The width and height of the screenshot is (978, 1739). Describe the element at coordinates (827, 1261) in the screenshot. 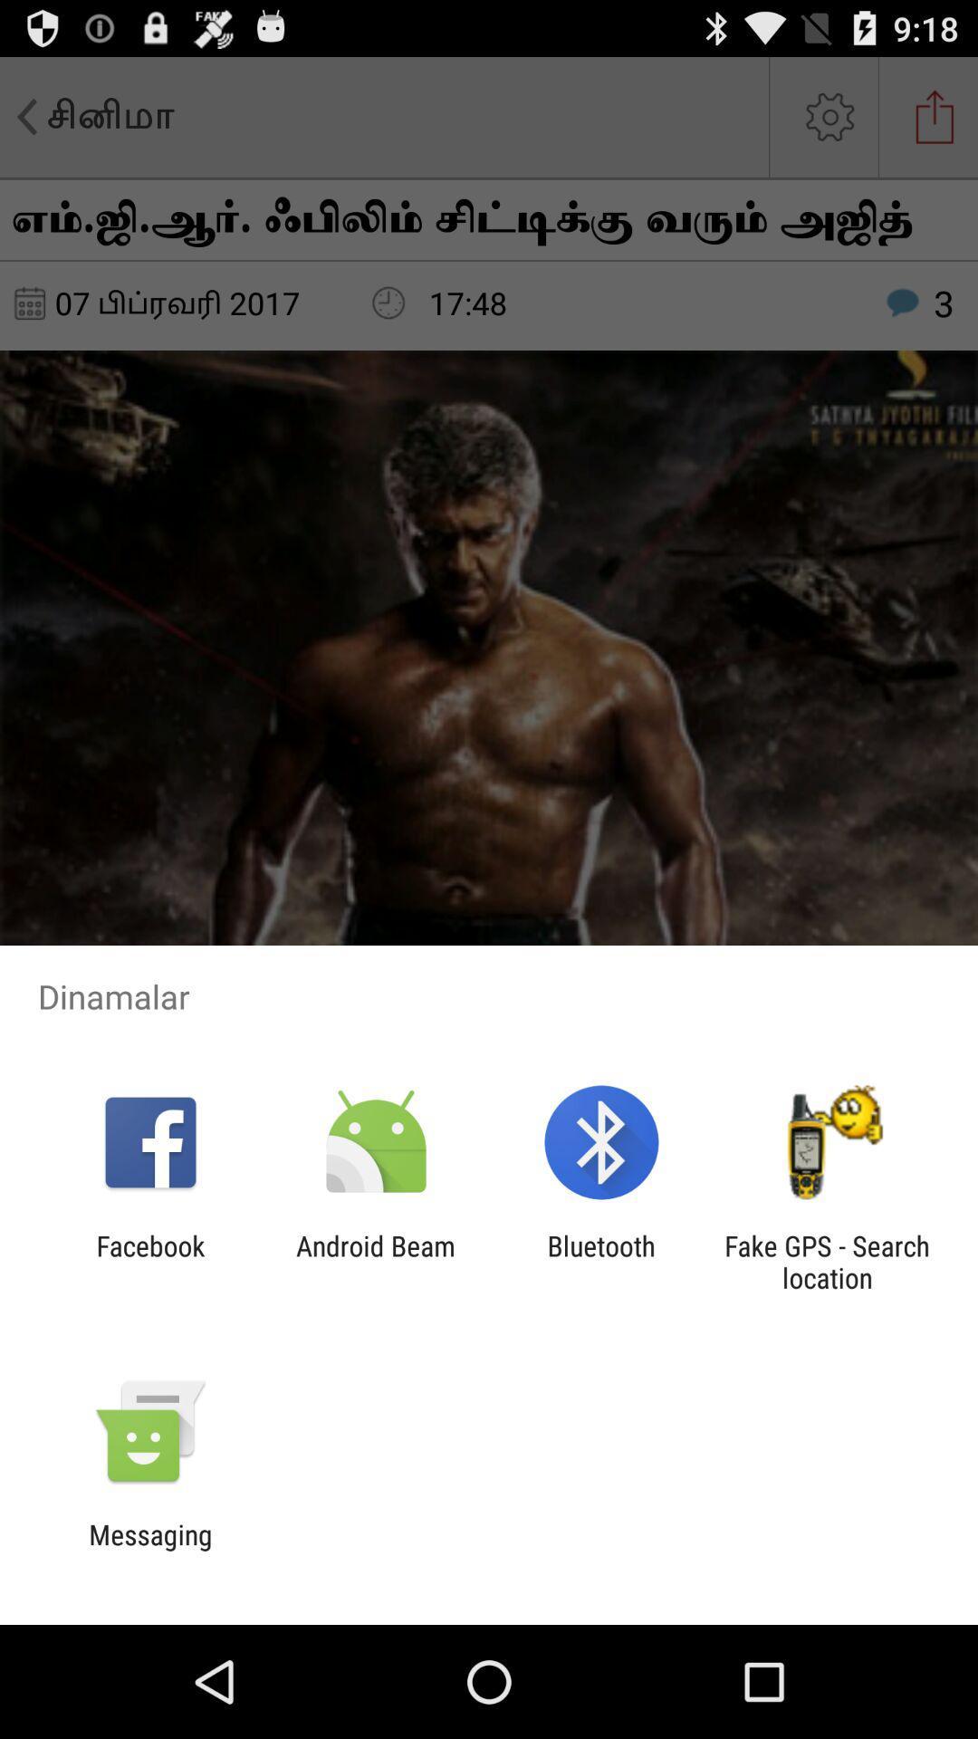

I see `the item next to the bluetooth item` at that location.